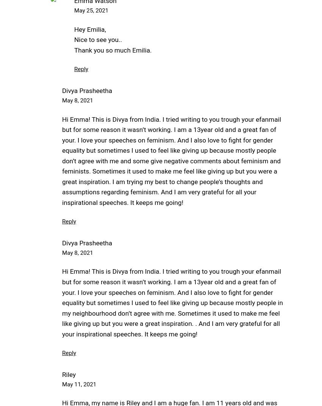 Image resolution: width=322 pixels, height=406 pixels. Describe the element at coordinates (113, 49) in the screenshot. I see `'Thank you so much Emilia.'` at that location.